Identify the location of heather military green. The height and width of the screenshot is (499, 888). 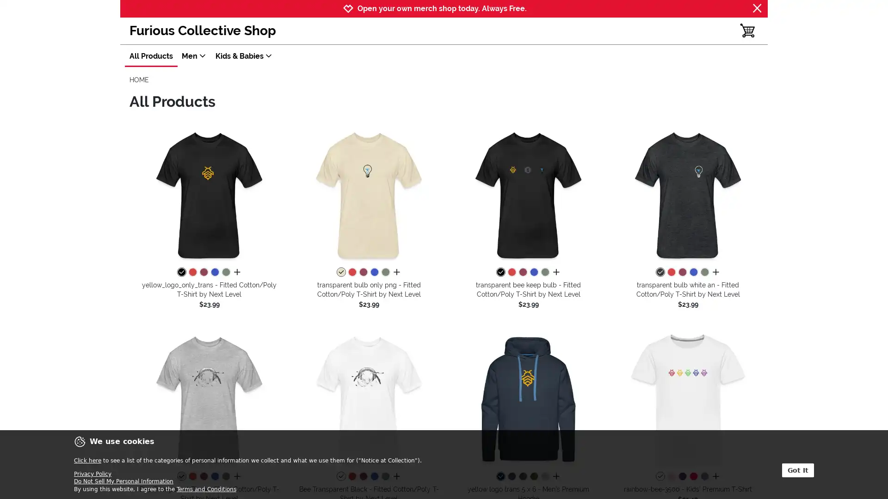
(544, 272).